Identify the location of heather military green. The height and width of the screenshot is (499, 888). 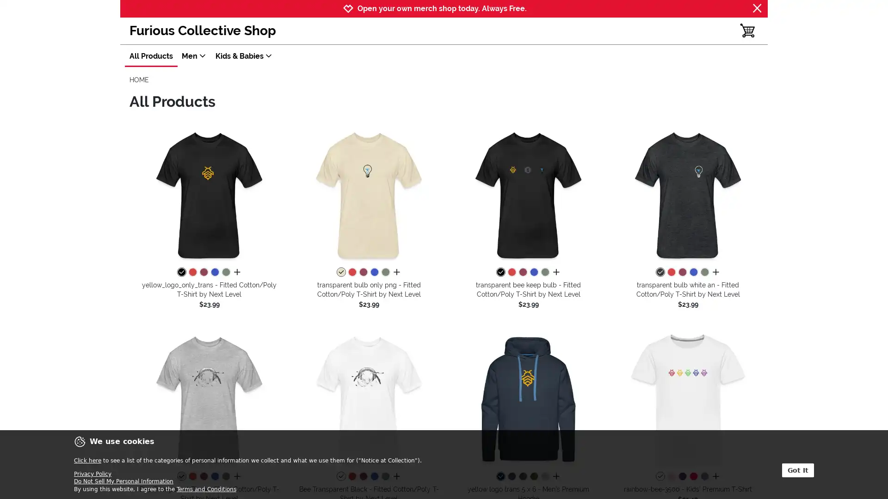
(544, 272).